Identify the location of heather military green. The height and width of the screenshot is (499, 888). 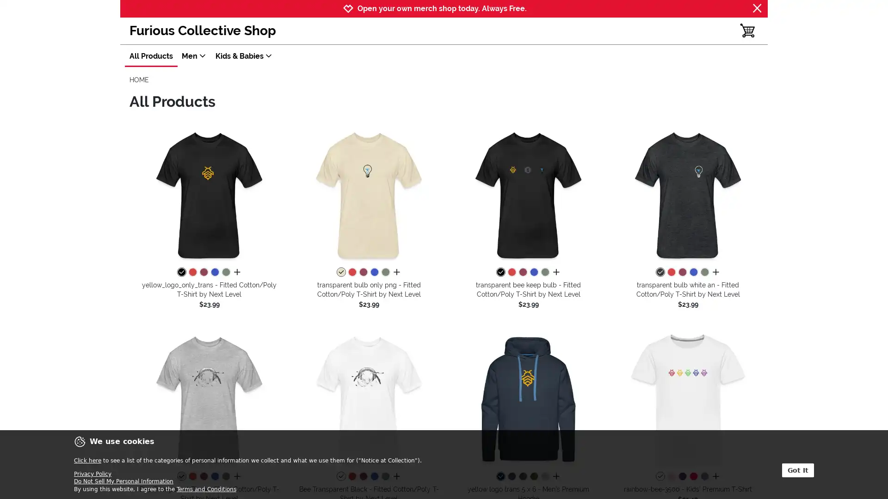
(544, 272).